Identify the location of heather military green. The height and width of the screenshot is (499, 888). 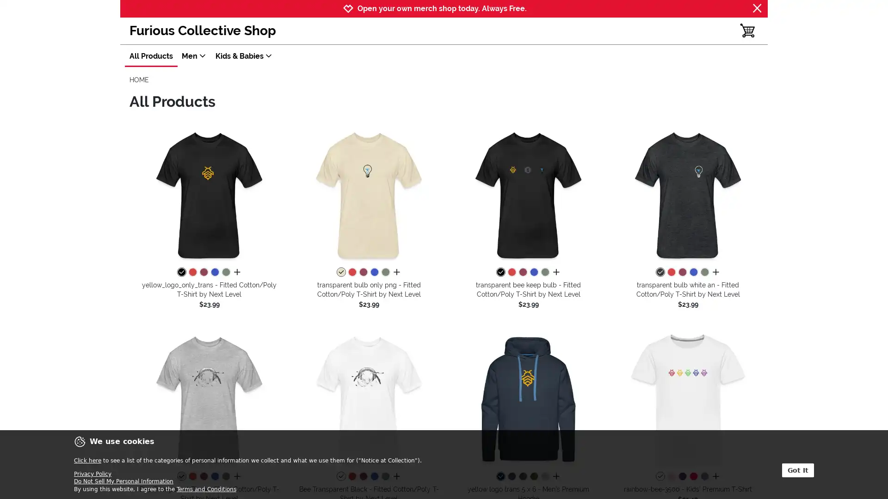
(544, 272).